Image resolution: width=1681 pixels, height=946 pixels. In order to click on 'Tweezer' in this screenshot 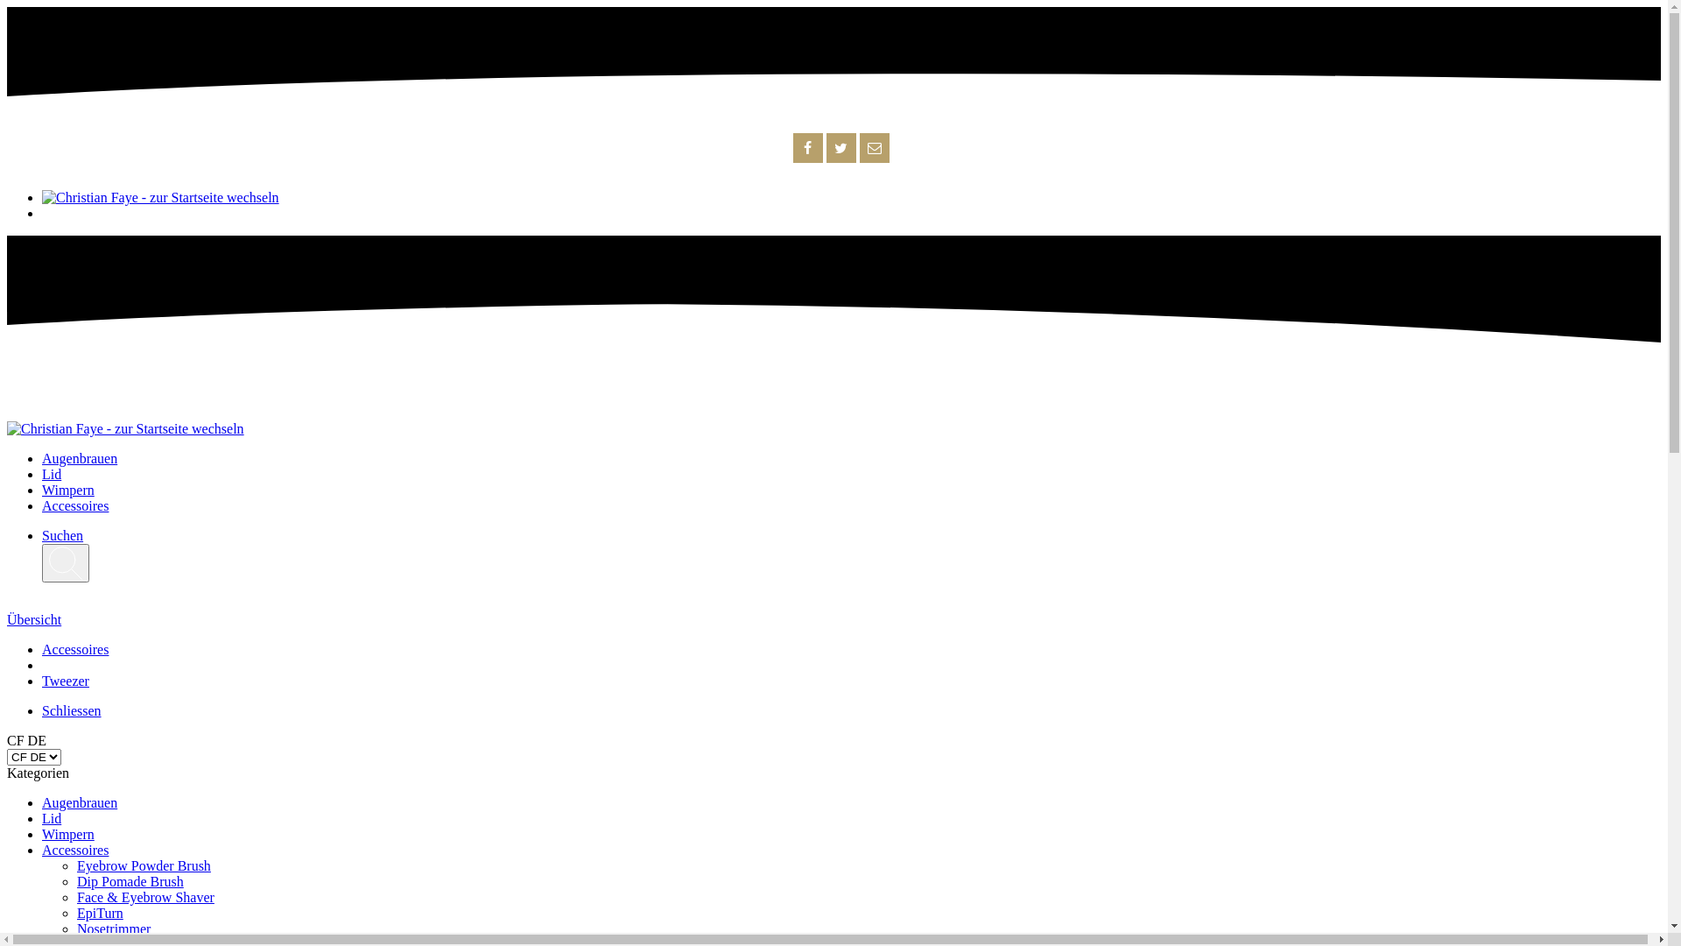, I will do `click(66, 680)`.